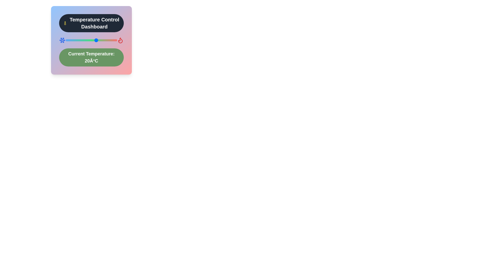 The height and width of the screenshot is (272, 485). Describe the element at coordinates (66, 40) in the screenshot. I see `the temperature slider to set the temperature to -9 degrees` at that location.